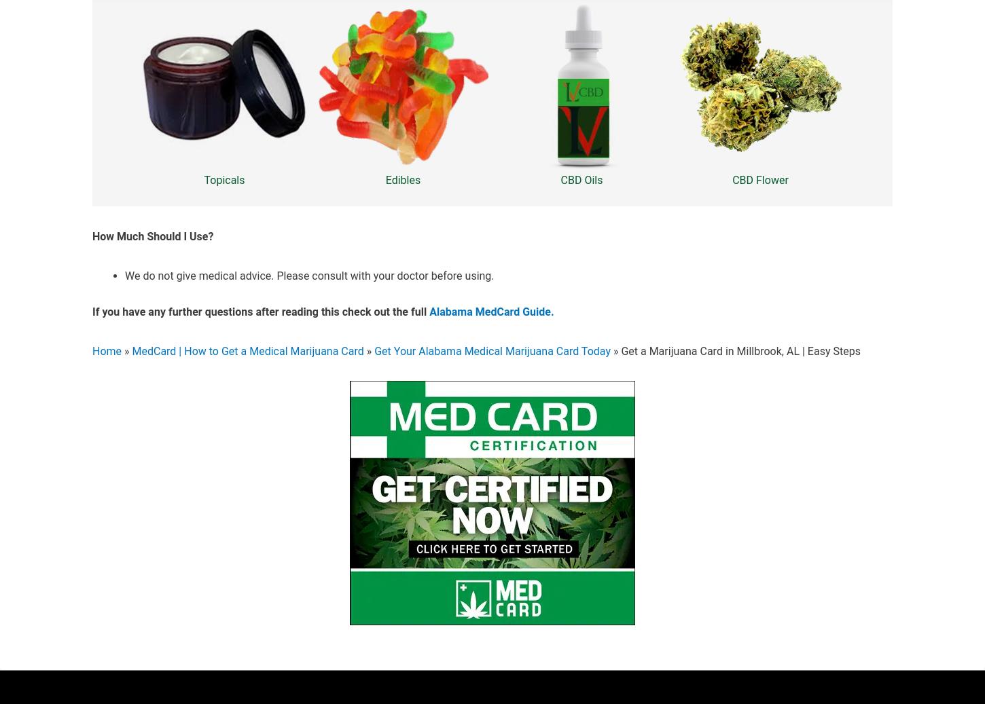 The image size is (985, 704). Describe the element at coordinates (259, 311) in the screenshot. I see `'If you have any further questions after reading this check out the full'` at that location.